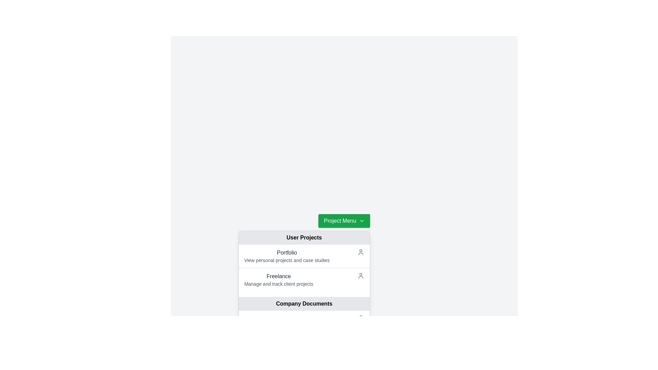 The width and height of the screenshot is (658, 370). What do you see at coordinates (304, 256) in the screenshot?
I see `the 'Portfolio' list item, which is styled with a light background and contains a bolded title and user silhouette icon` at bounding box center [304, 256].